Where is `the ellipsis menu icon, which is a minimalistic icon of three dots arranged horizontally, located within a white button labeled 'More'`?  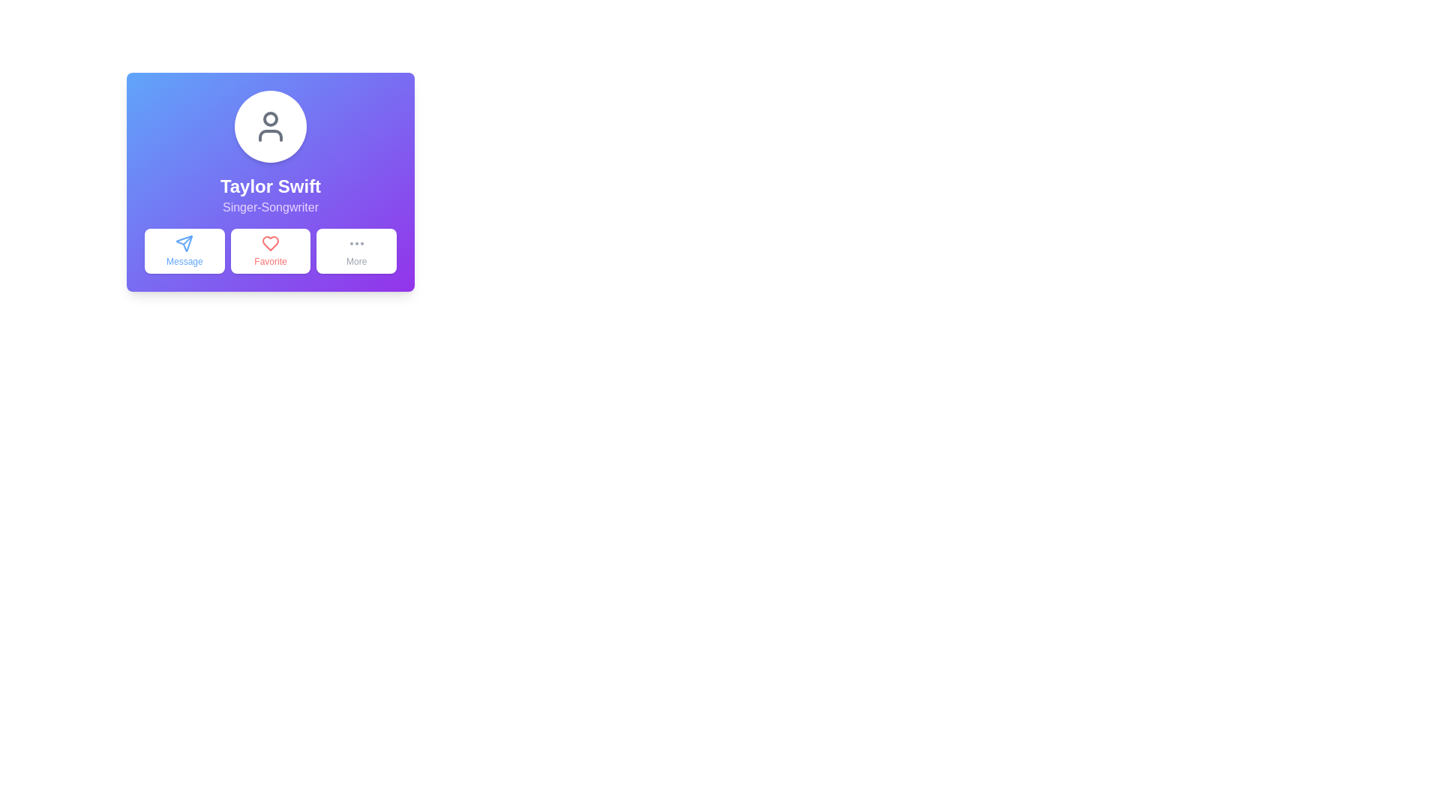
the ellipsis menu icon, which is a minimalistic icon of three dots arranged horizontally, located within a white button labeled 'More' is located at coordinates (355, 242).